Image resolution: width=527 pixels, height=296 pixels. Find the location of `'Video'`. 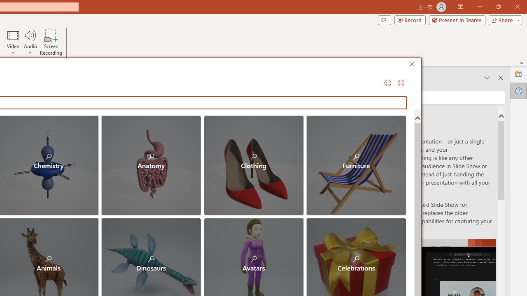

'Video' is located at coordinates (13, 42).